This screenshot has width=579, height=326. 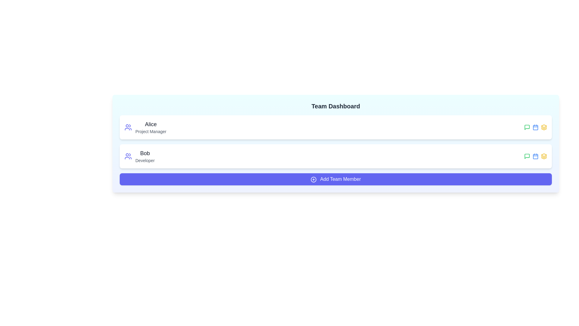 What do you see at coordinates (314, 179) in the screenshot?
I see `the circular visual element forming the outer boundary of the '+' icon located to the left of the 'Add Team Member' button` at bounding box center [314, 179].